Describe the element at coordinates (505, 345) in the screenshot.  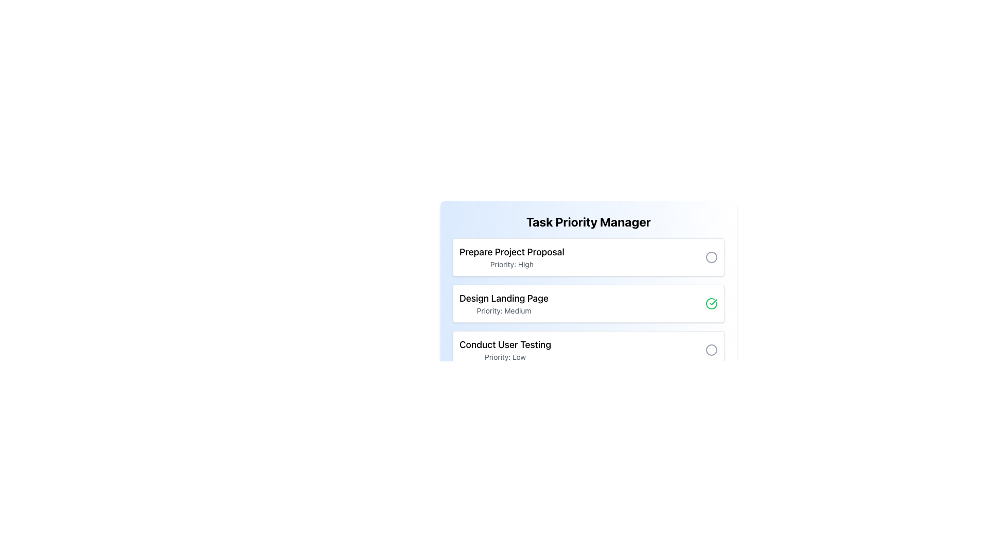
I see `the Static Text element located in the third task panel of the 'Task Priority Manager' interface, which identifies the respective task item` at that location.